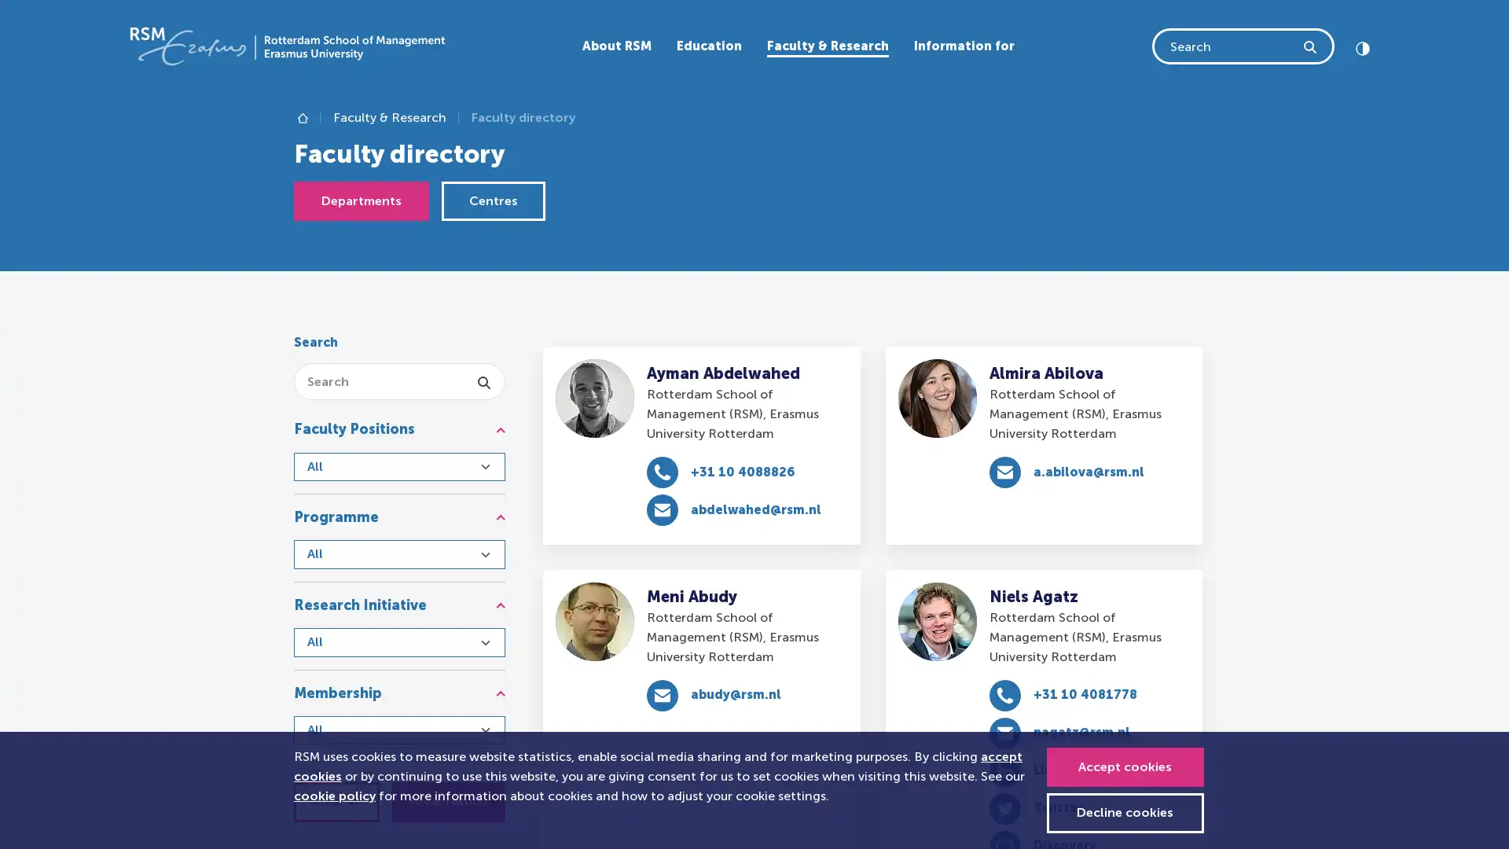 This screenshot has height=849, width=1509. I want to click on Research Initiative, so click(399, 604).